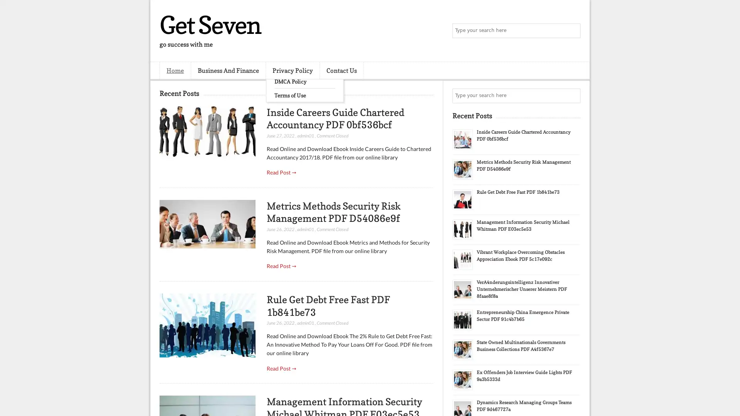 The height and width of the screenshot is (416, 740). I want to click on Search, so click(572, 31).